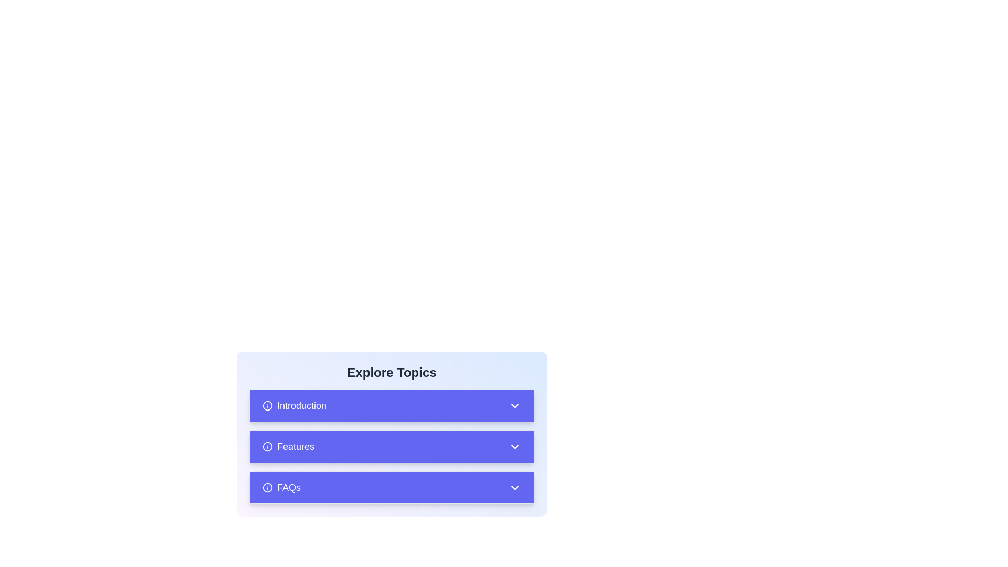 Image resolution: width=1008 pixels, height=567 pixels. Describe the element at coordinates (267, 447) in the screenshot. I see `the circular graphical icon located in the 'Features' section of the 'Explore Topics' interface` at that location.